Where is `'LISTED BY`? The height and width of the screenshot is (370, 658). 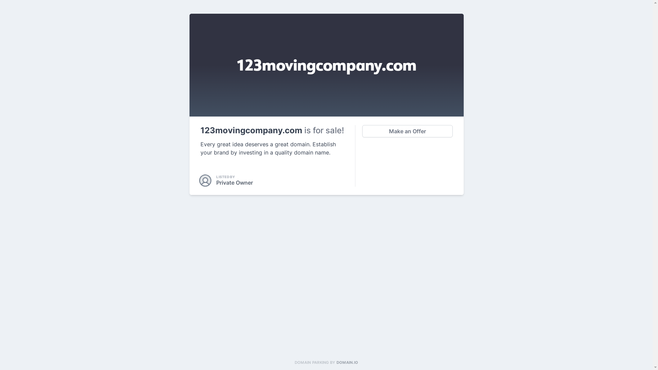
'LISTED BY is located at coordinates (200, 180).